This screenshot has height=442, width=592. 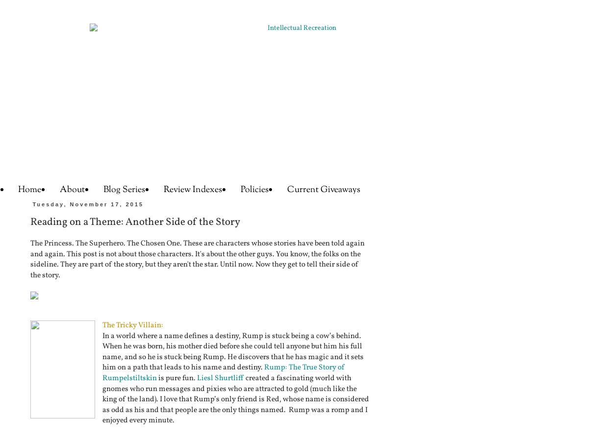 I want to click on 'created a fascinating world with gnomes who run messages and pixies who are attracted to gold (much like the king of the land). I love that Rump’s only friend is Red, whose name is considered as odd as his and that people are the only things named.  Rump was a romp and I enjoyed every minute.', so click(x=236, y=398).